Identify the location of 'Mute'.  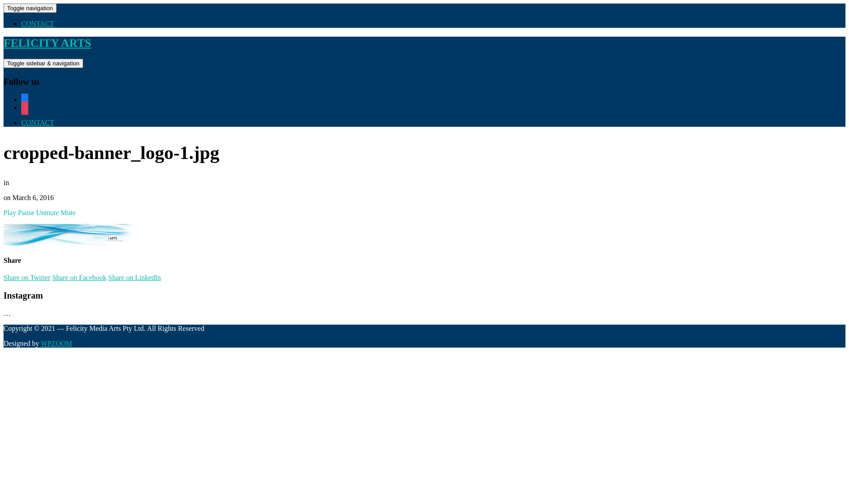
(67, 212).